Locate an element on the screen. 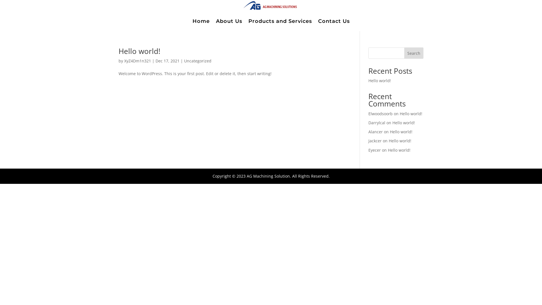 This screenshot has width=542, height=305. 'Alancer' is located at coordinates (375, 132).